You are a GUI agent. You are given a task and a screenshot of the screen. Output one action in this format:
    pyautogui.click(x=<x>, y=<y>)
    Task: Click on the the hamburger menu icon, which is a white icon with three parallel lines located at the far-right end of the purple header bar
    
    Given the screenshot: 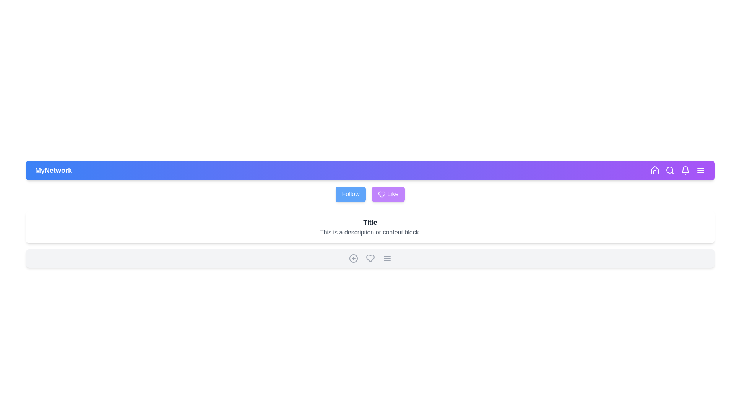 What is the action you would take?
    pyautogui.click(x=701, y=170)
    